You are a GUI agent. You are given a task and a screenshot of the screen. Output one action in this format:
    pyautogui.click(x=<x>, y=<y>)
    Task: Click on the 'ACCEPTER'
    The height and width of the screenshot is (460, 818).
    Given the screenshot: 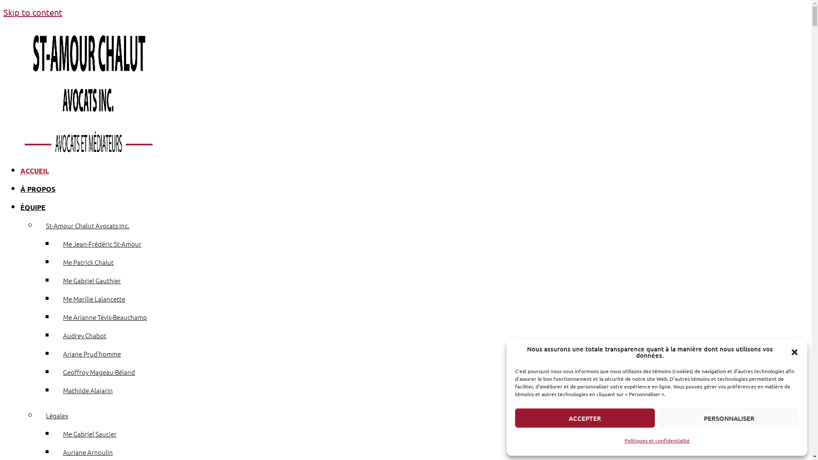 What is the action you would take?
    pyautogui.click(x=584, y=417)
    